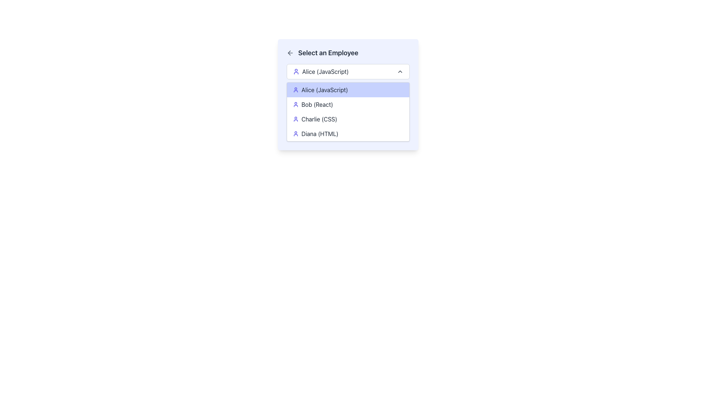 This screenshot has width=703, height=395. What do you see at coordinates (347, 119) in the screenshot?
I see `the list item displaying 'Charlie (CSS)'` at bounding box center [347, 119].